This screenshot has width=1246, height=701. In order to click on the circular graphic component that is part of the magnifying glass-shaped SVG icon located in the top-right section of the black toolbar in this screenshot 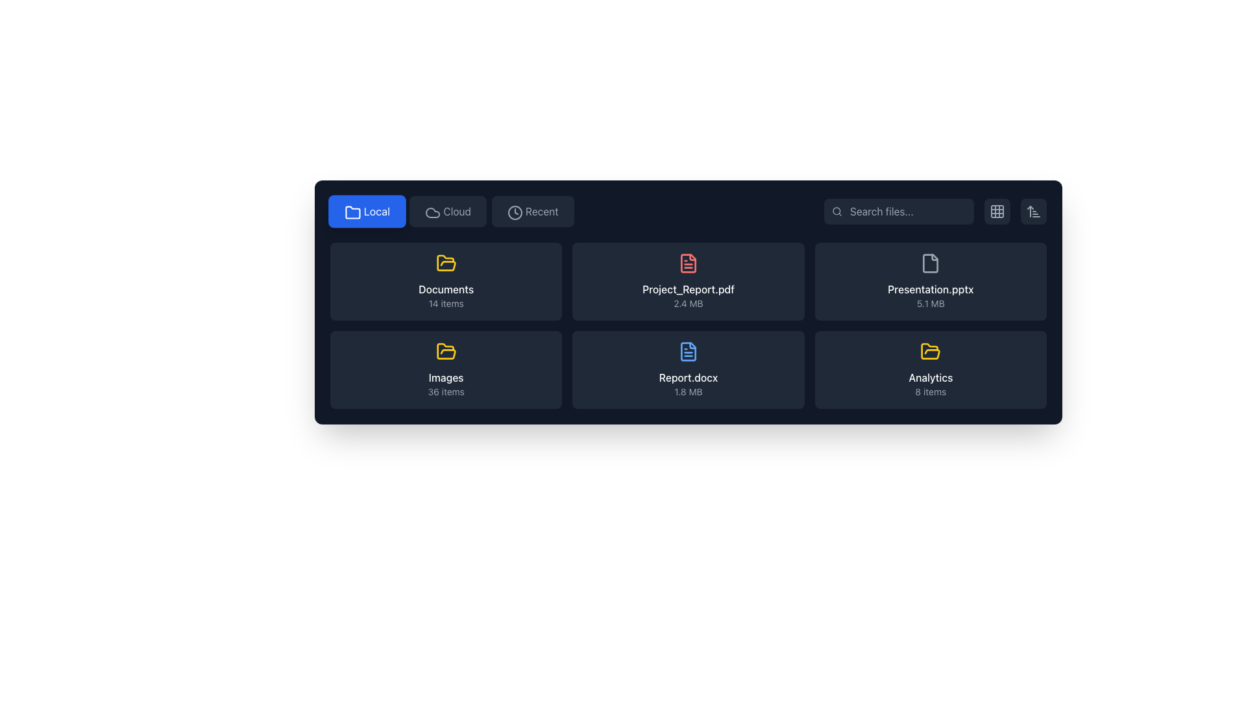, I will do `click(837, 210)`.